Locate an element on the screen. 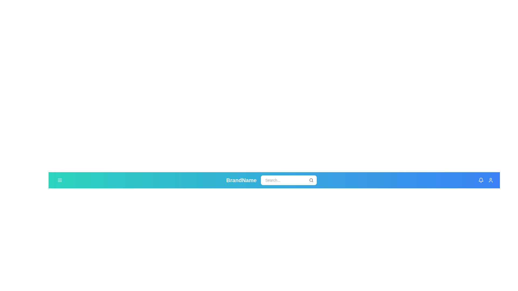 The width and height of the screenshot is (518, 291). the search bar and type the text 'example' is located at coordinates (288, 180).